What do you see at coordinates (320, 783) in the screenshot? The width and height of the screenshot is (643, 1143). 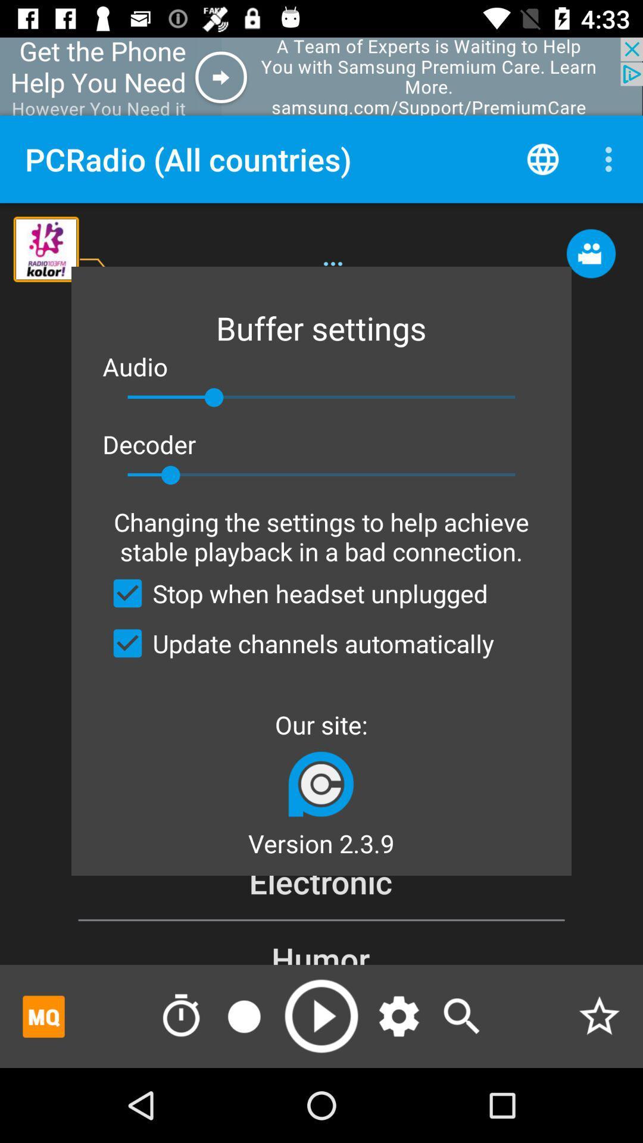 I see `the item above the version 2 3 item` at bounding box center [320, 783].